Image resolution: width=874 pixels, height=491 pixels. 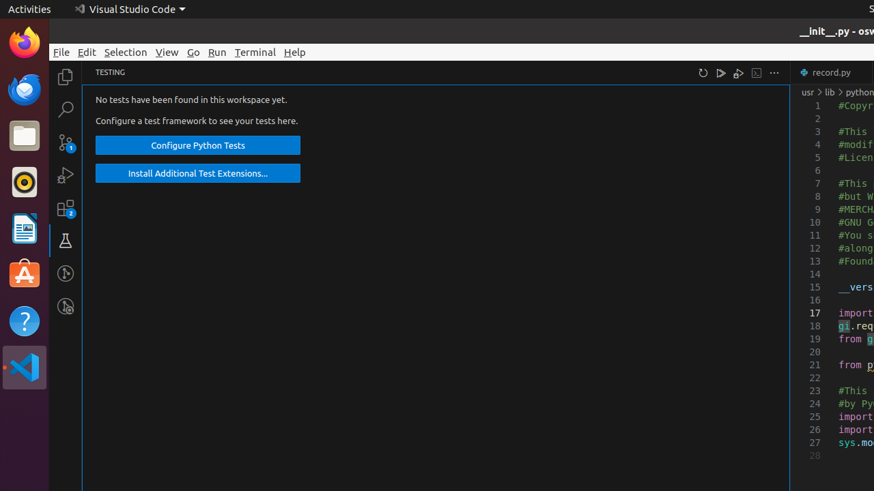 I want to click on 'Terminal', so click(x=255, y=51).